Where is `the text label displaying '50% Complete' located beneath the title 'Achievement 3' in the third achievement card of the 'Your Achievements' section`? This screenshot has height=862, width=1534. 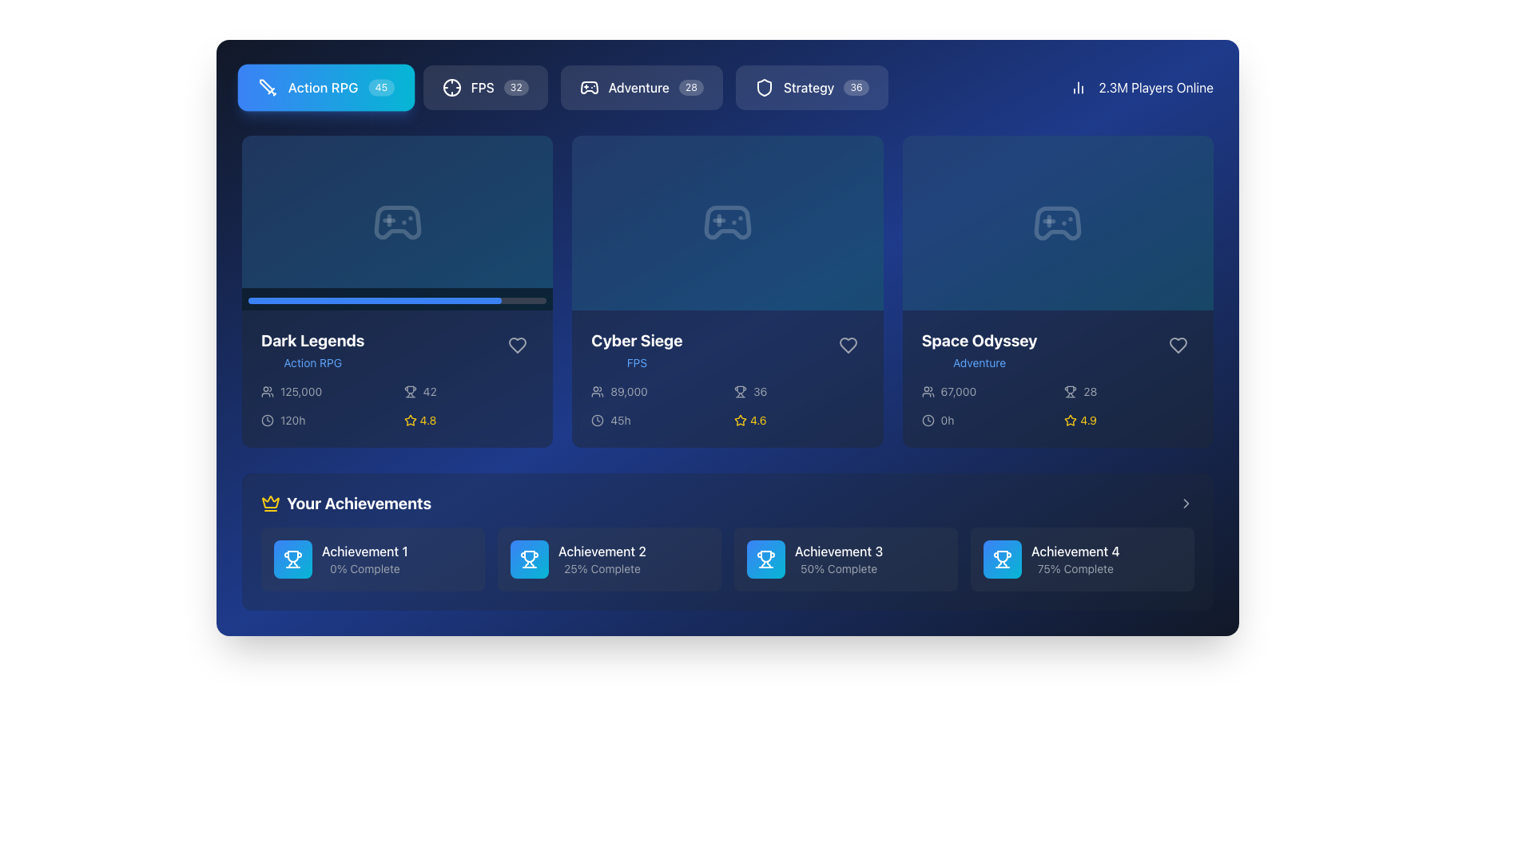 the text label displaying '50% Complete' located beneath the title 'Achievement 3' in the third achievement card of the 'Your Achievements' section is located at coordinates (838, 568).